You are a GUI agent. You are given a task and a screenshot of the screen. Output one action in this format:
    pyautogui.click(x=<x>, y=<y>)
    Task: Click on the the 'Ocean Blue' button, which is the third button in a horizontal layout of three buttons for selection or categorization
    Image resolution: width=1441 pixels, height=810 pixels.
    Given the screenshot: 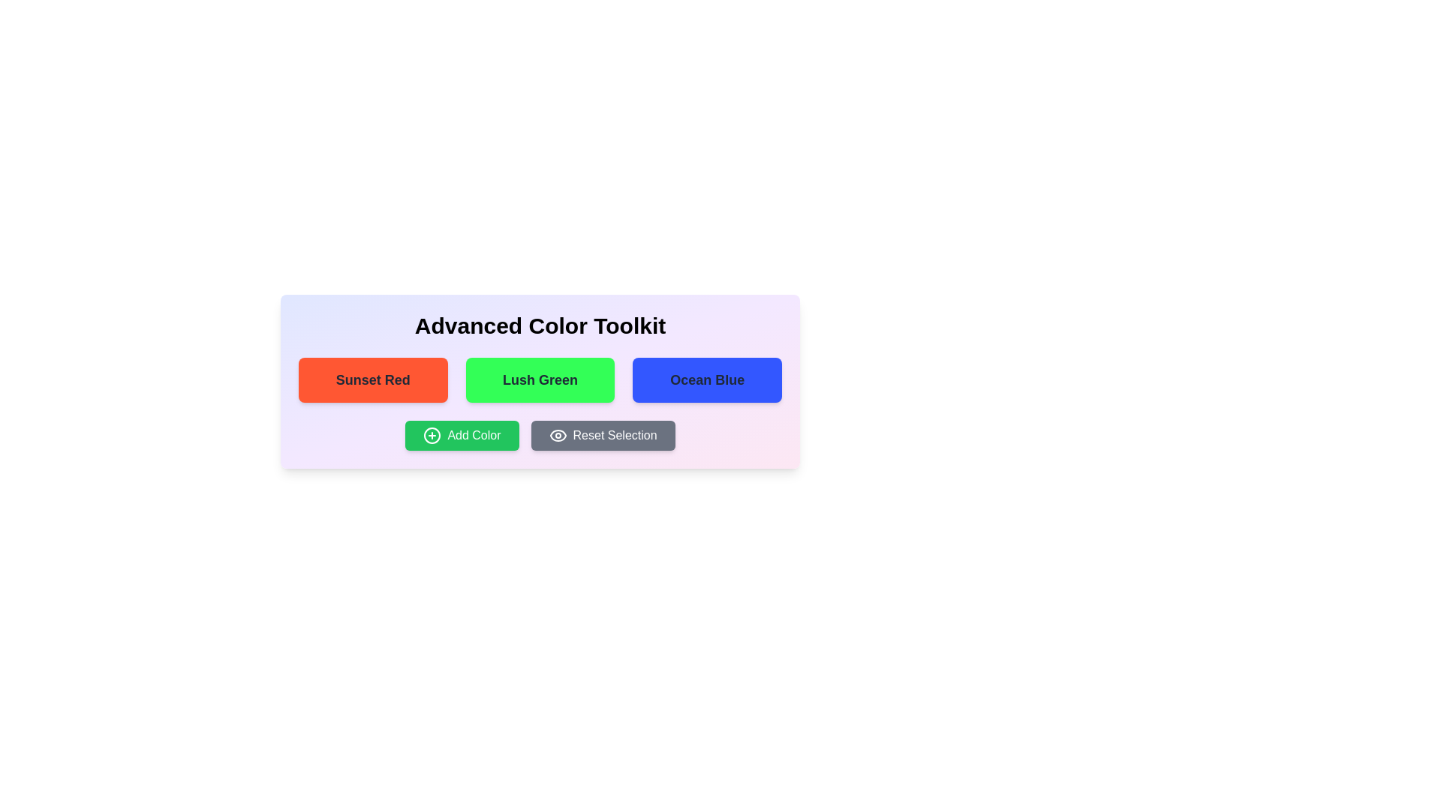 What is the action you would take?
    pyautogui.click(x=706, y=379)
    